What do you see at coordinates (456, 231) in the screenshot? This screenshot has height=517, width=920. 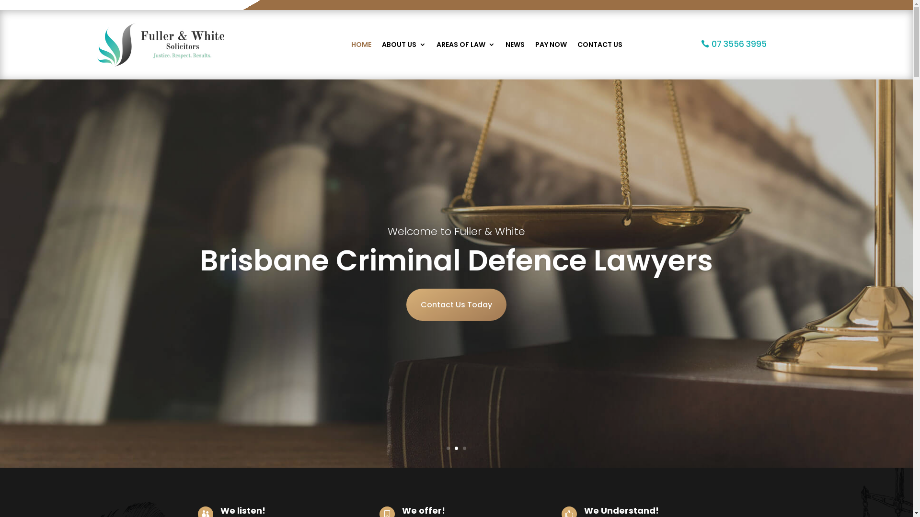 I see `'Welcome to Fuller & White'` at bounding box center [456, 231].